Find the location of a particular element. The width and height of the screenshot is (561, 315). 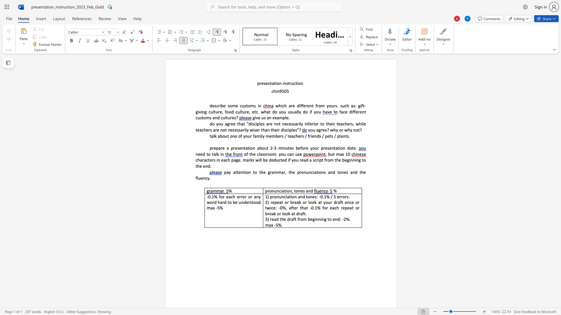

the 2th character "n" in the text is located at coordinates (216, 118).